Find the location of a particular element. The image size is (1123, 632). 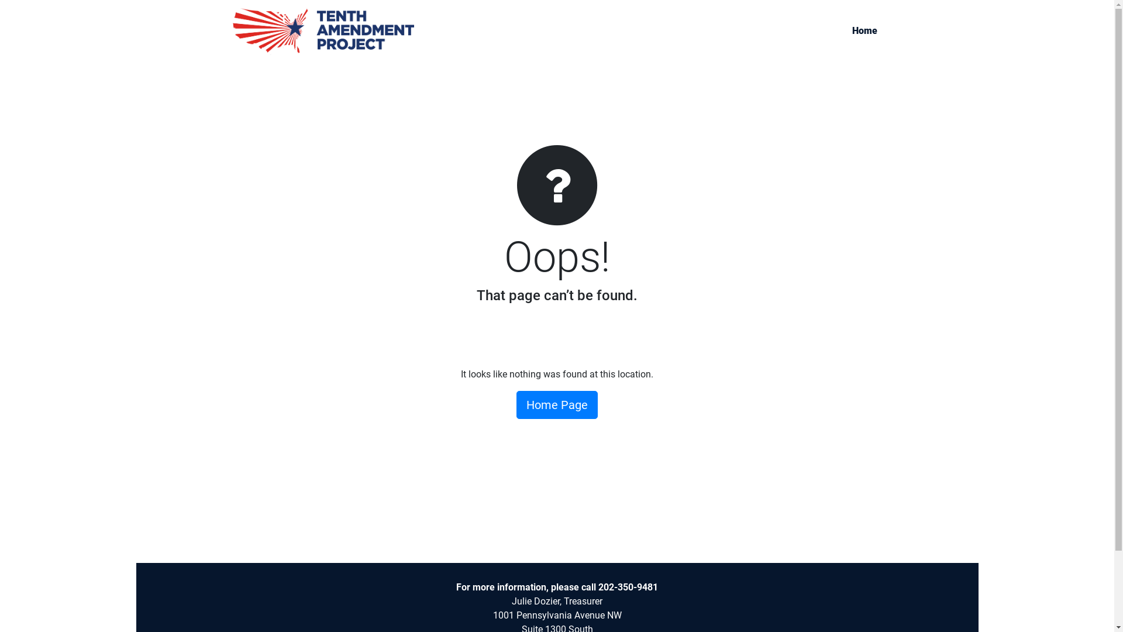

'Home Page' is located at coordinates (556, 404).